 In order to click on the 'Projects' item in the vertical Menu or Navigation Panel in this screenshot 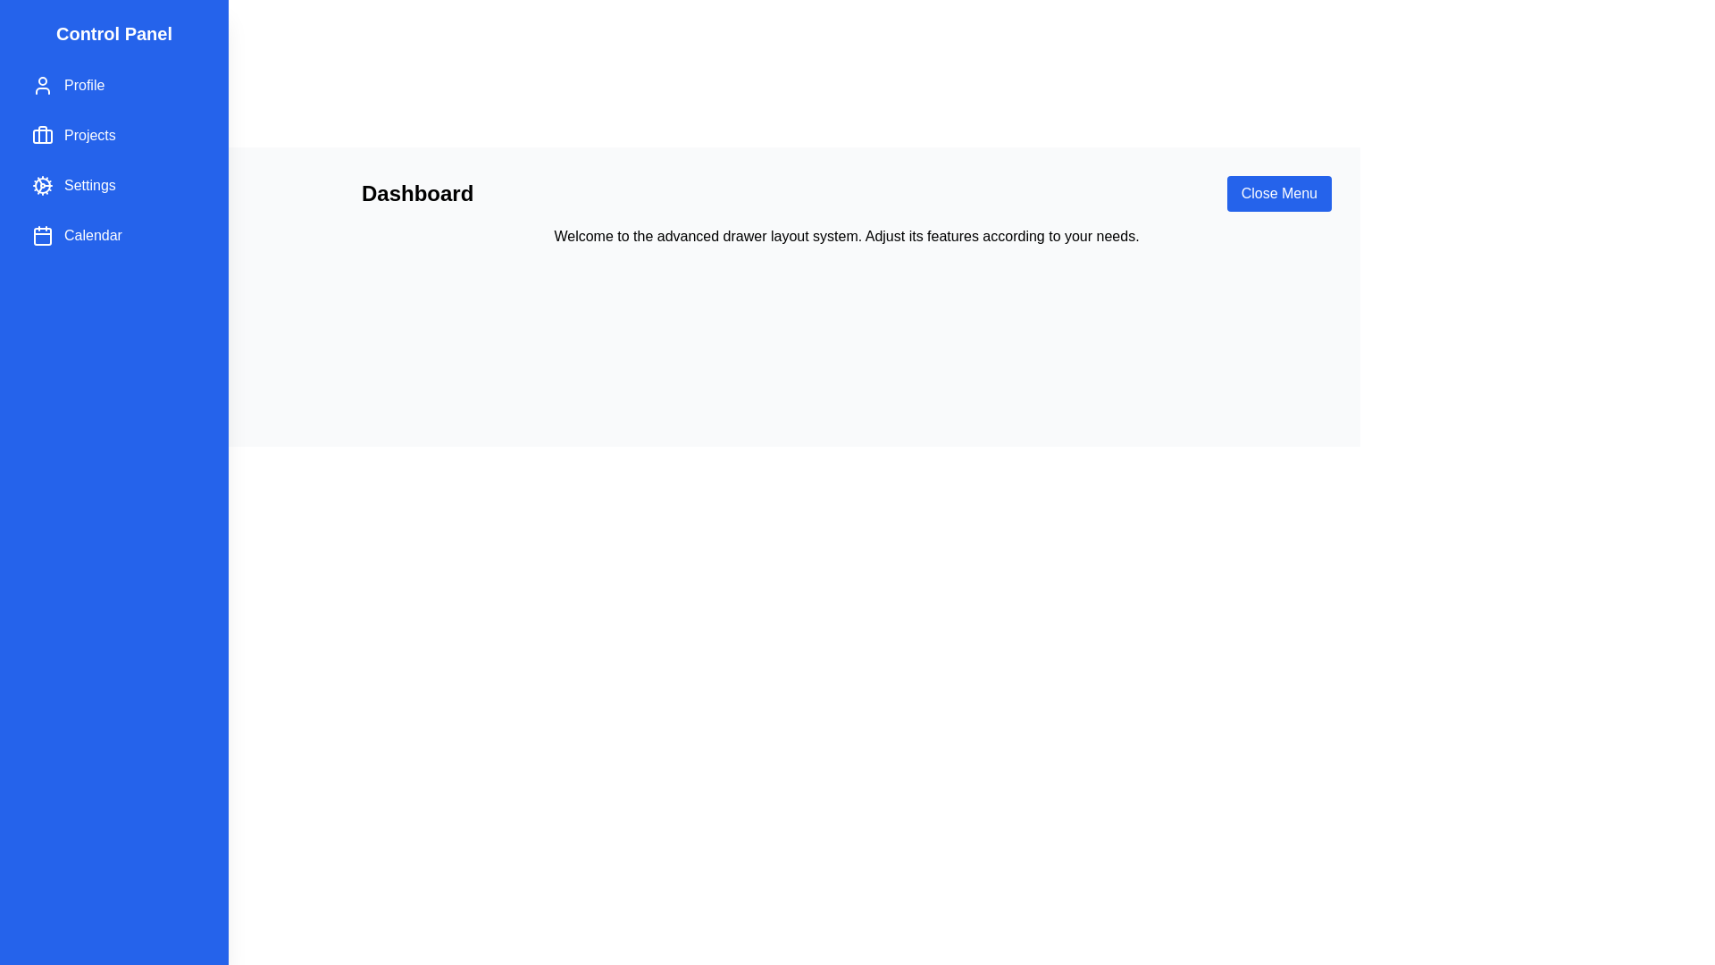, I will do `click(113, 161)`.